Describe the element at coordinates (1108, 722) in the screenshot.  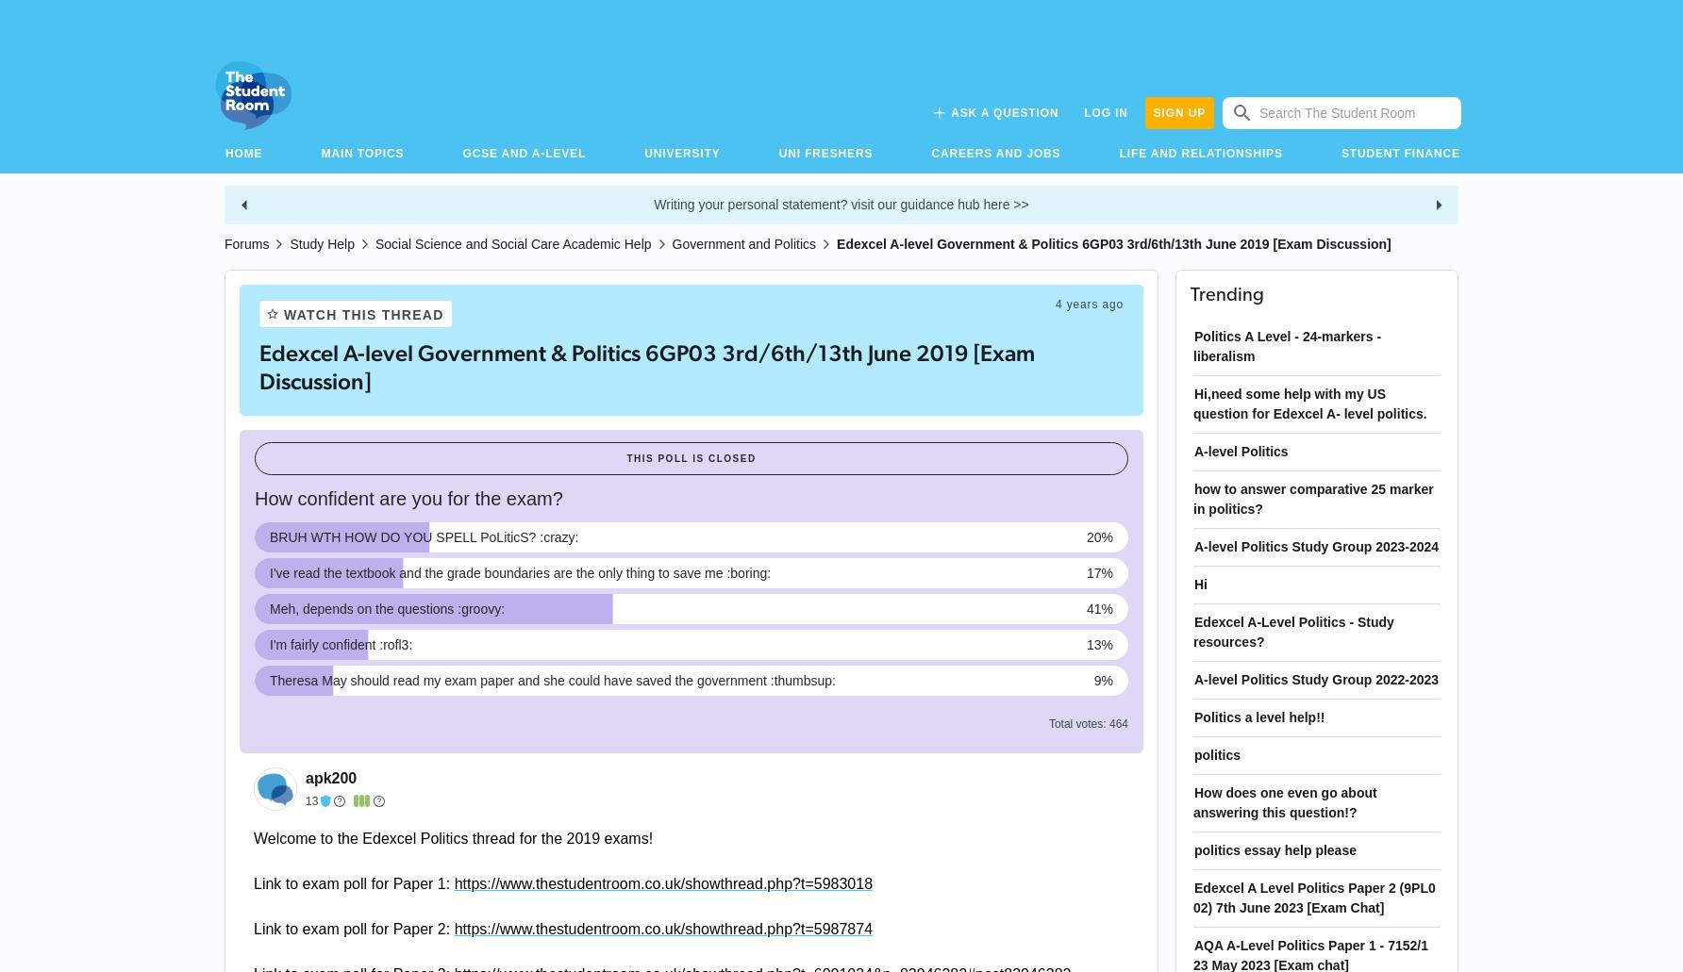
I see `'464'` at that location.